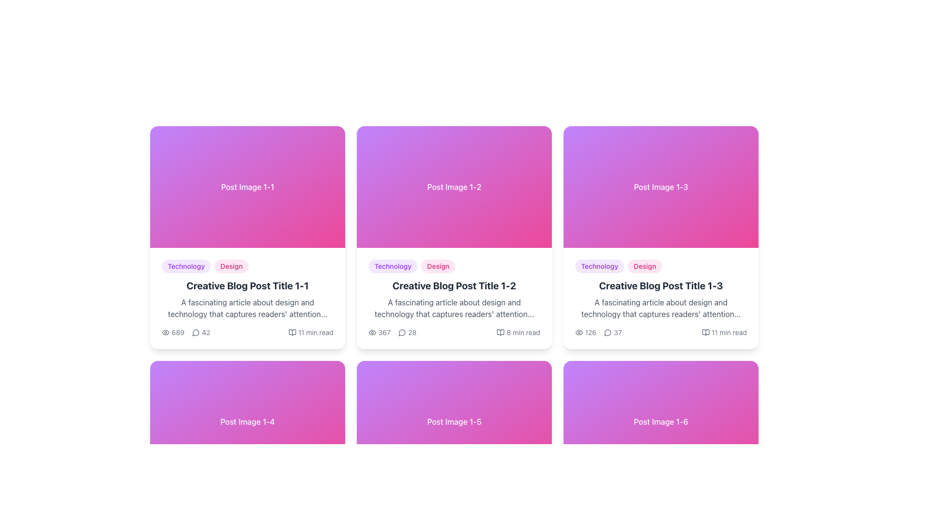  What do you see at coordinates (195, 332) in the screenshot?
I see `the SVG icon that represents user comments or discussions located in the first post card under 'Creative Blog Post Title 1-1', to the left of the metadata line` at bounding box center [195, 332].